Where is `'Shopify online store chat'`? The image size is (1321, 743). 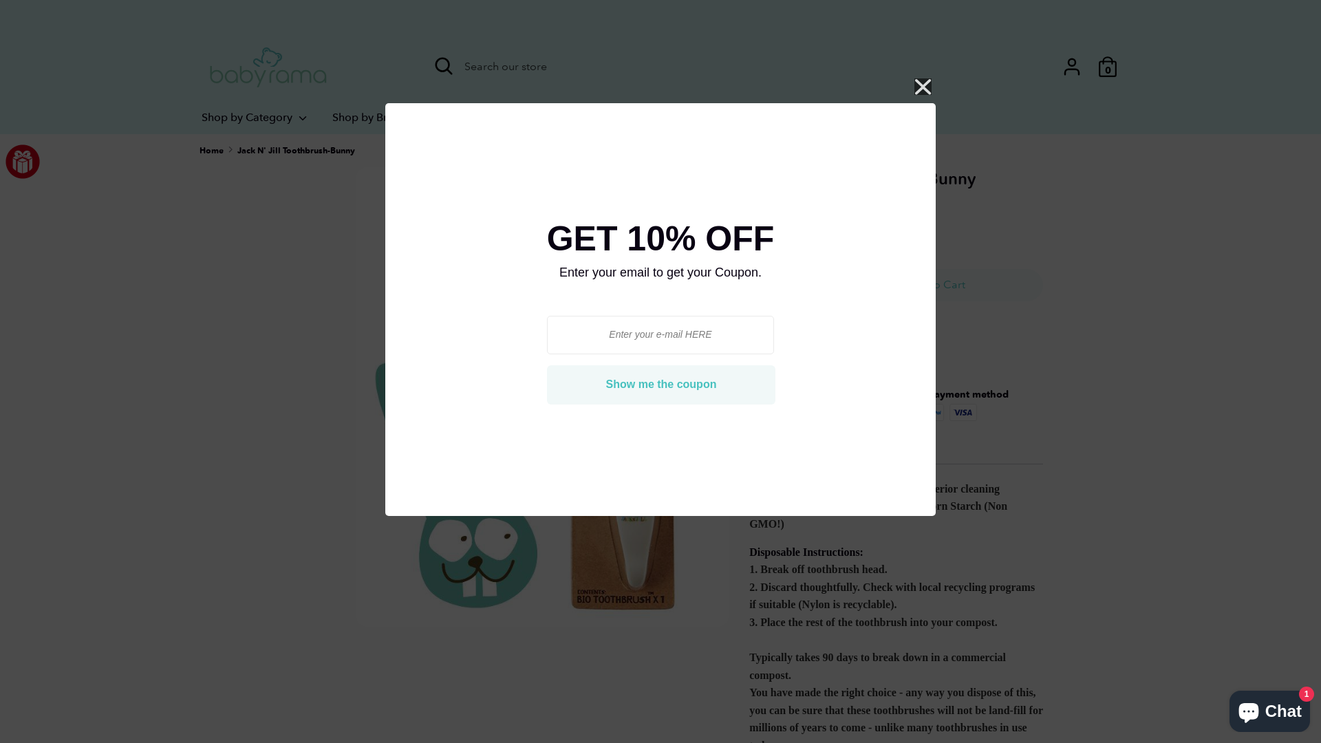 'Shopify online store chat' is located at coordinates (1269, 708).